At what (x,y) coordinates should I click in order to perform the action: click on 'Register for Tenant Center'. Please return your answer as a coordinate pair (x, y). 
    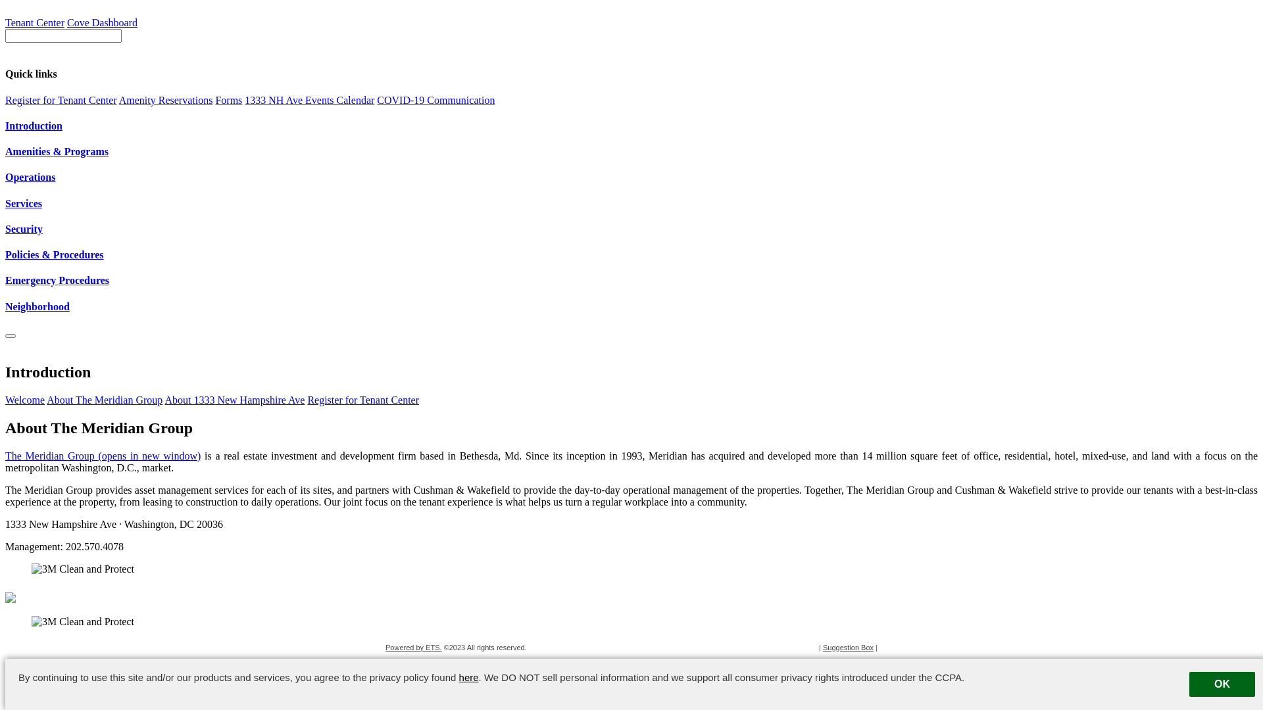
    Looking at the image, I should click on (60, 99).